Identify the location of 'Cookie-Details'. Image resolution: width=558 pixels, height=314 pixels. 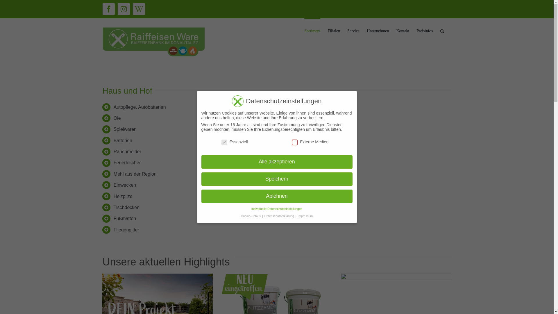
(251, 215).